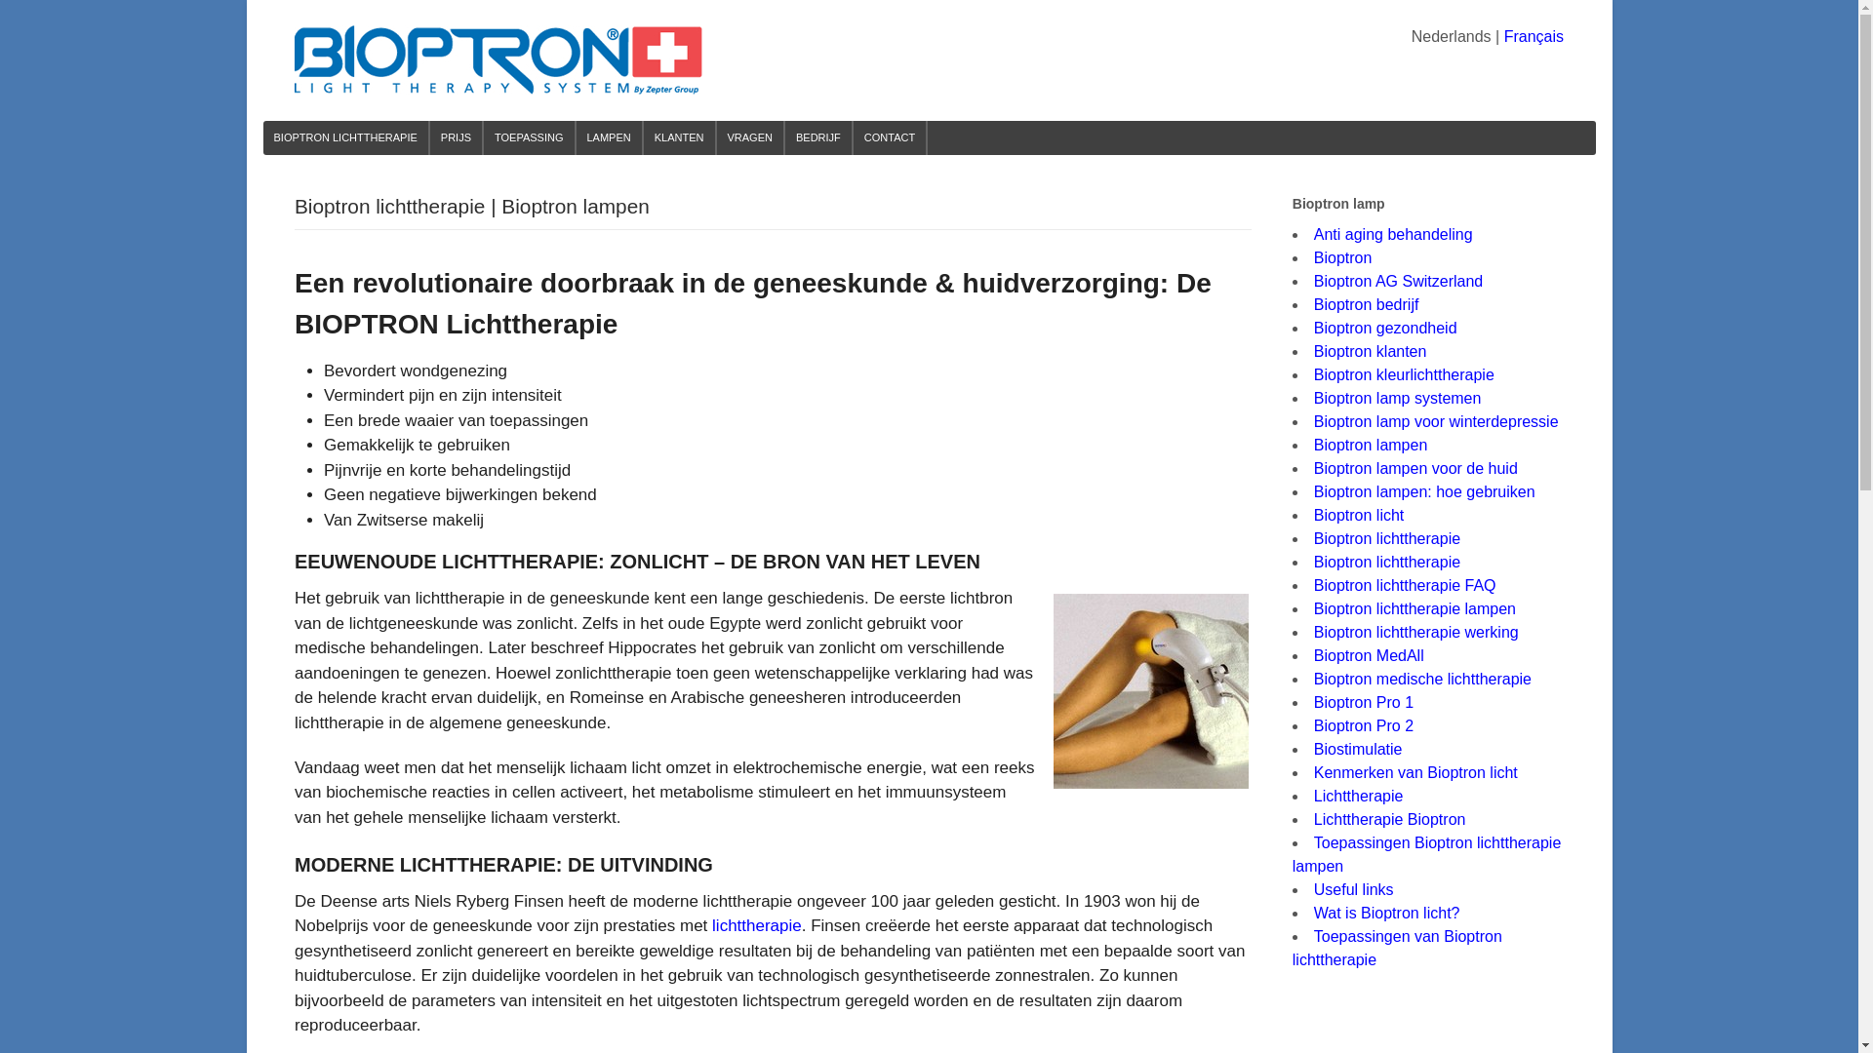 This screenshot has height=1053, width=1873. Describe the element at coordinates (1314, 655) in the screenshot. I see `'Bioptron MedAll'` at that location.